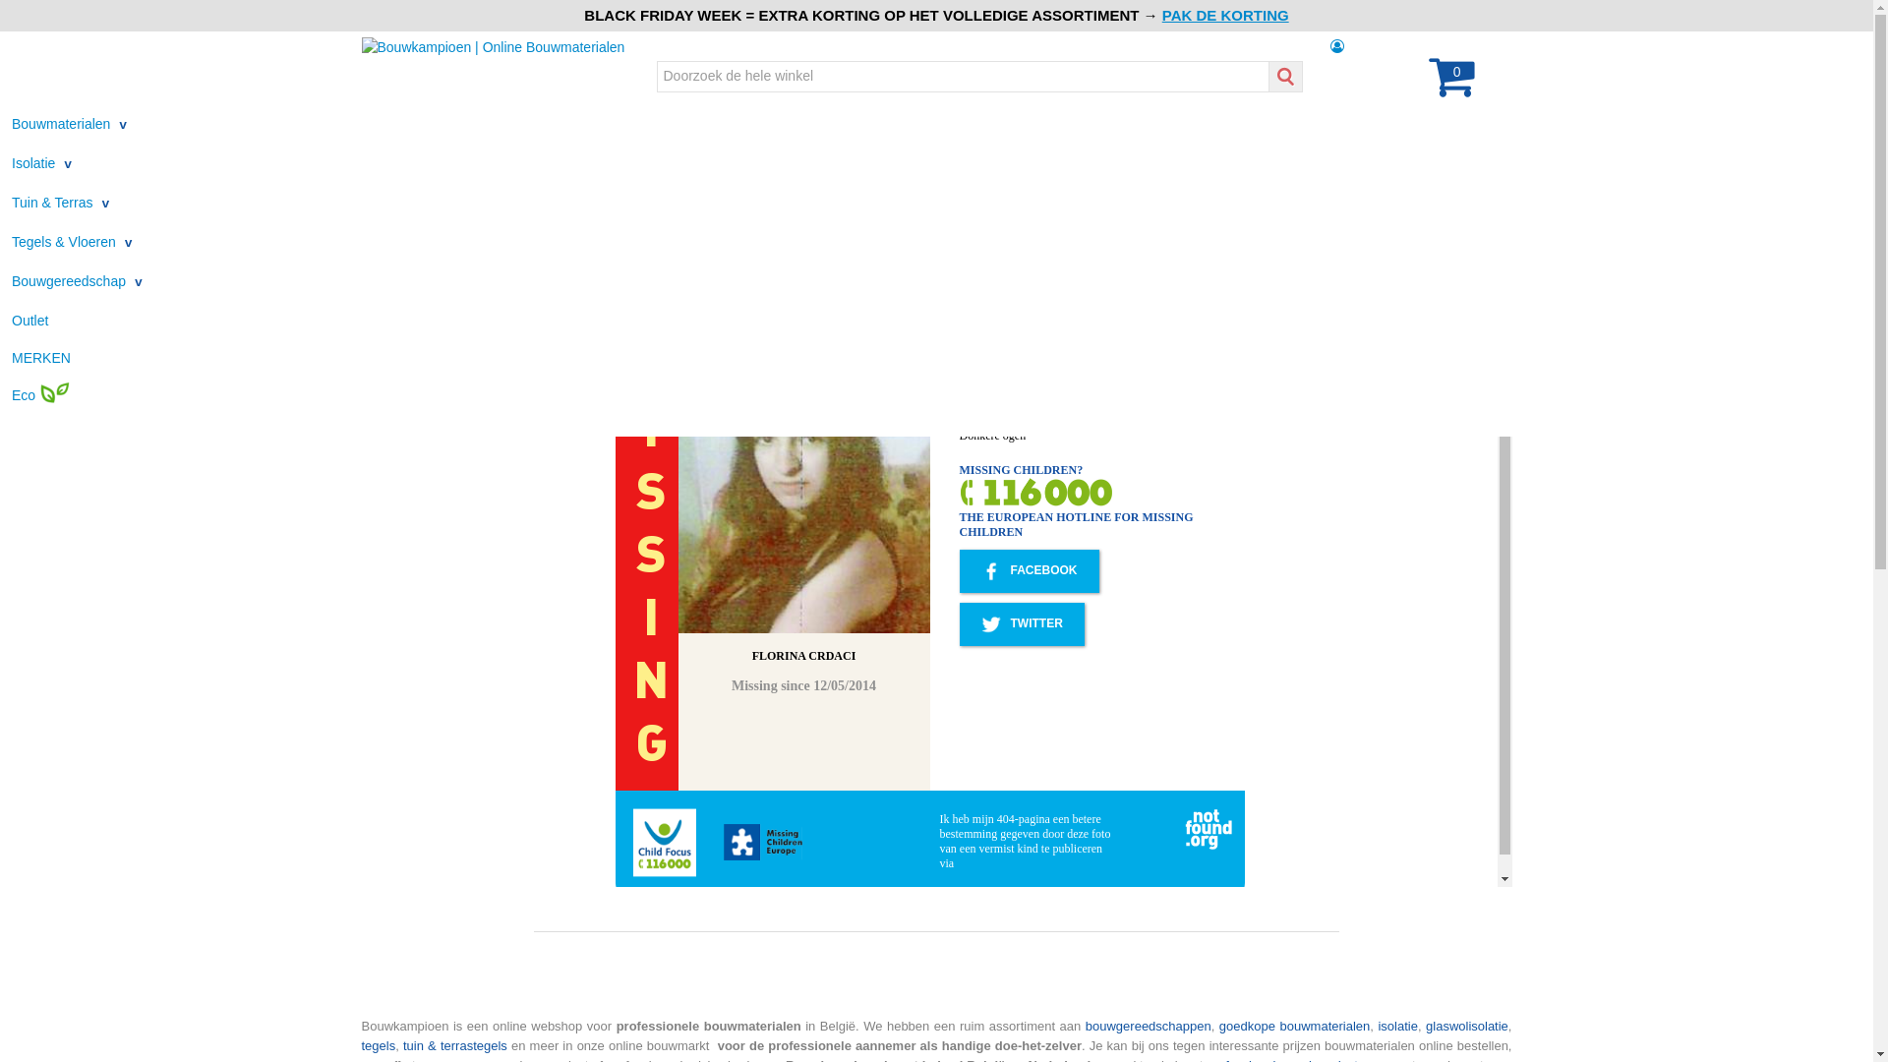 The width and height of the screenshot is (1888, 1062). I want to click on 'Outlet', so click(29, 320).